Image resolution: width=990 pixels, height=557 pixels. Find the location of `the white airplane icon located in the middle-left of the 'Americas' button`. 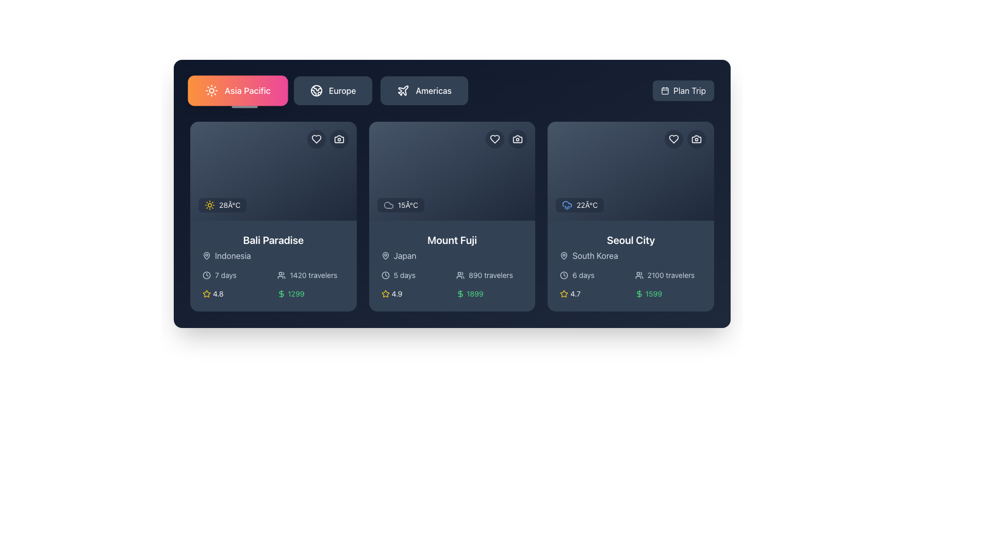

the white airplane icon located in the middle-left of the 'Americas' button is located at coordinates (403, 90).